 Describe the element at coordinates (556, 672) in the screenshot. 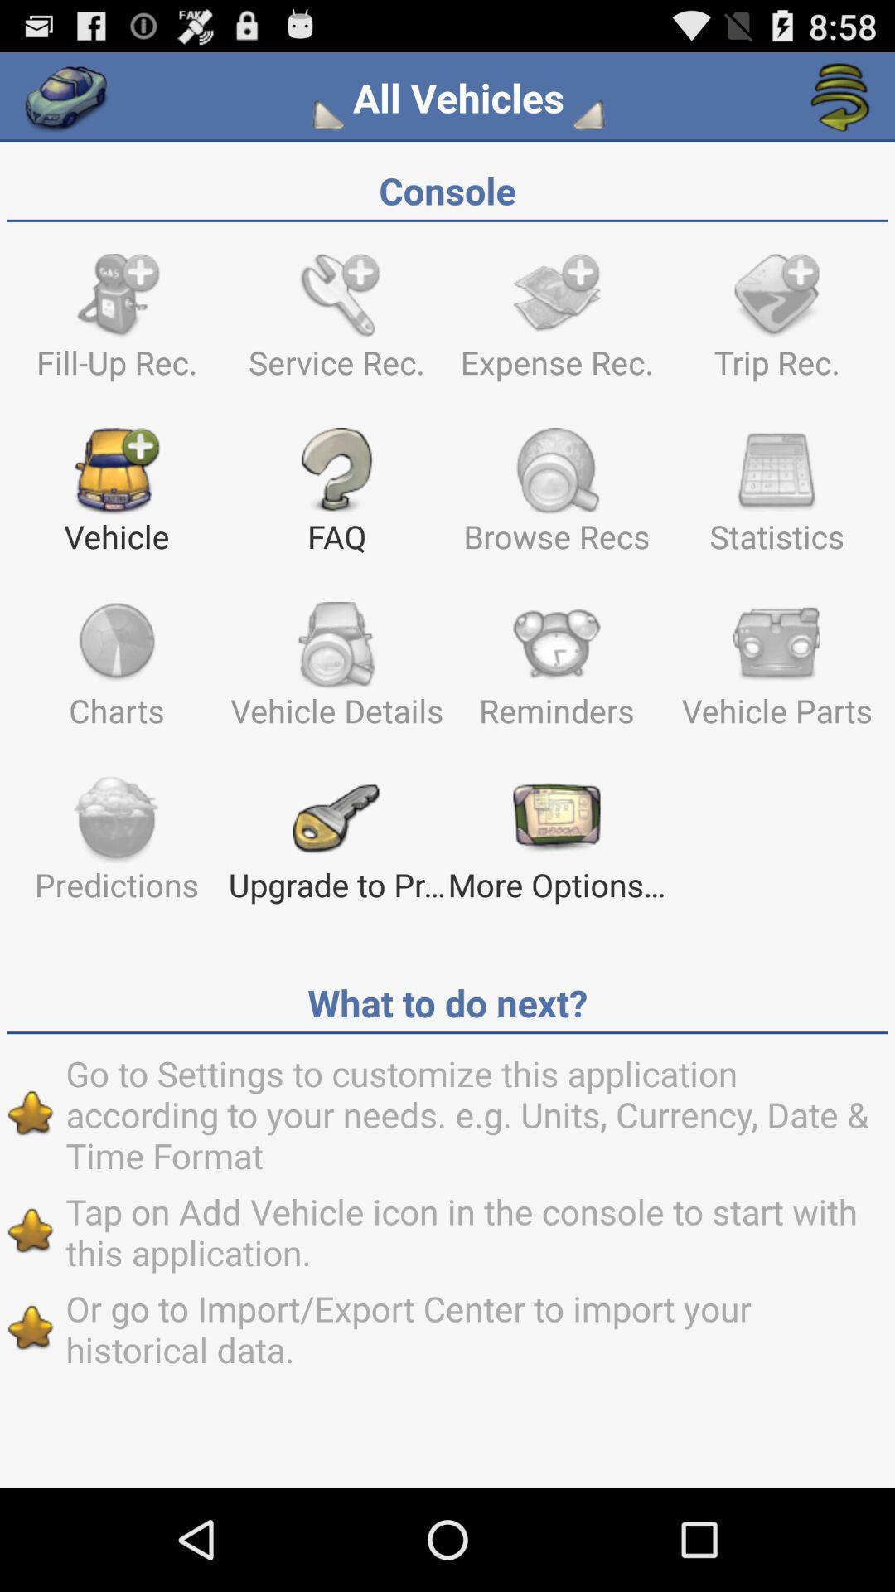

I see `the app above upgrade to pro! item` at that location.